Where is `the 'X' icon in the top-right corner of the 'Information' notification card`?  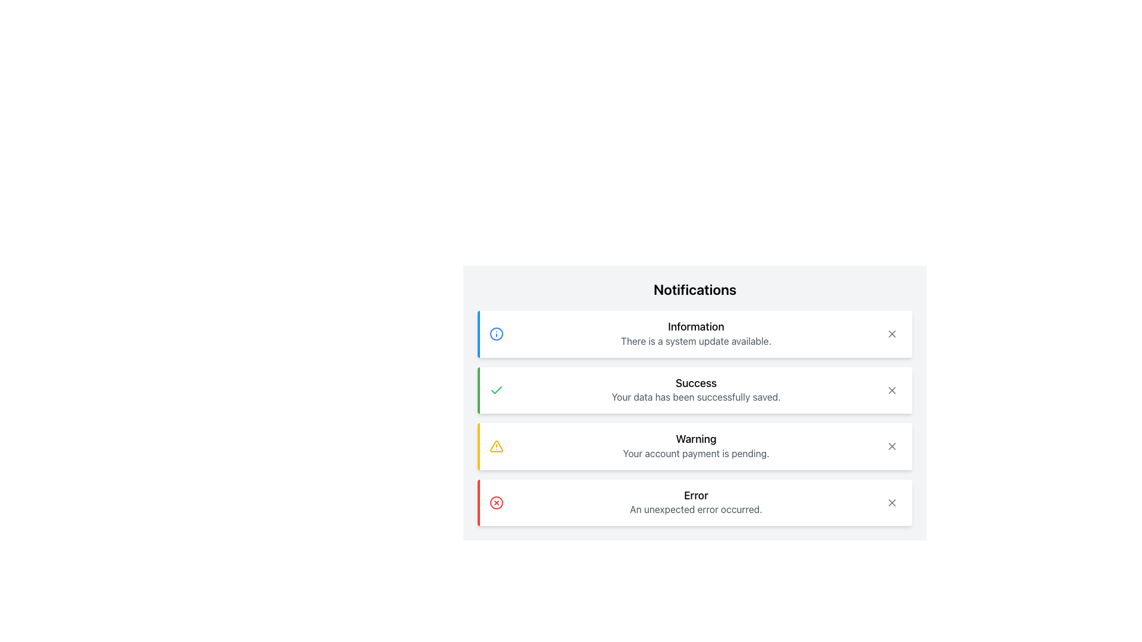
the 'X' icon in the top-right corner of the 'Information' notification card is located at coordinates (892, 334).